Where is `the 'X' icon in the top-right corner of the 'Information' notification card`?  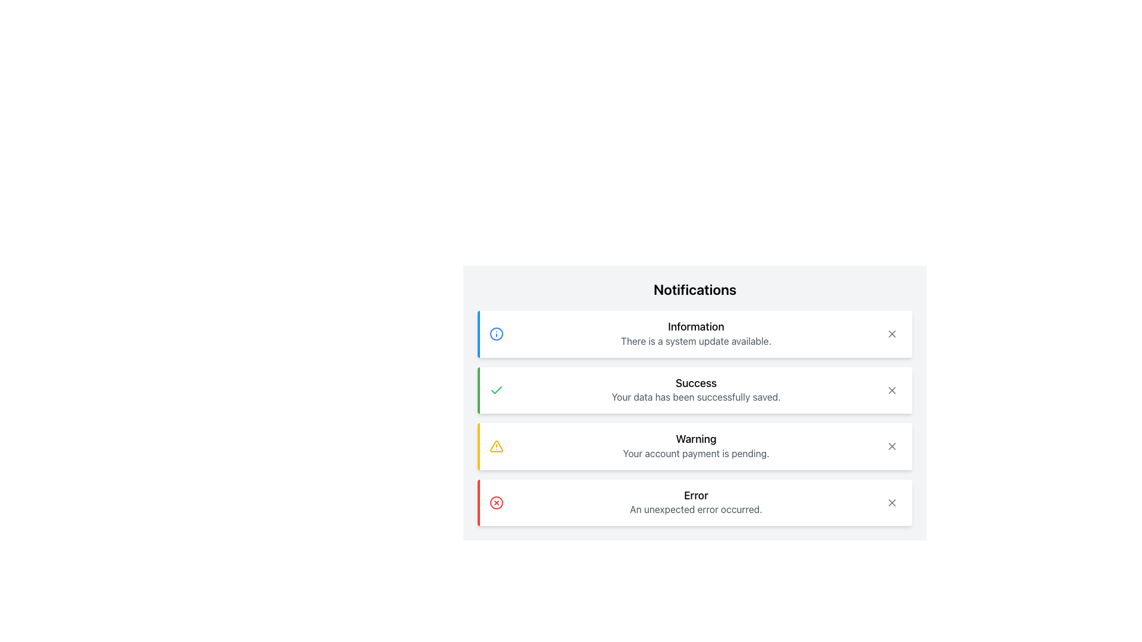
the 'X' icon in the top-right corner of the 'Information' notification card is located at coordinates (892, 334).